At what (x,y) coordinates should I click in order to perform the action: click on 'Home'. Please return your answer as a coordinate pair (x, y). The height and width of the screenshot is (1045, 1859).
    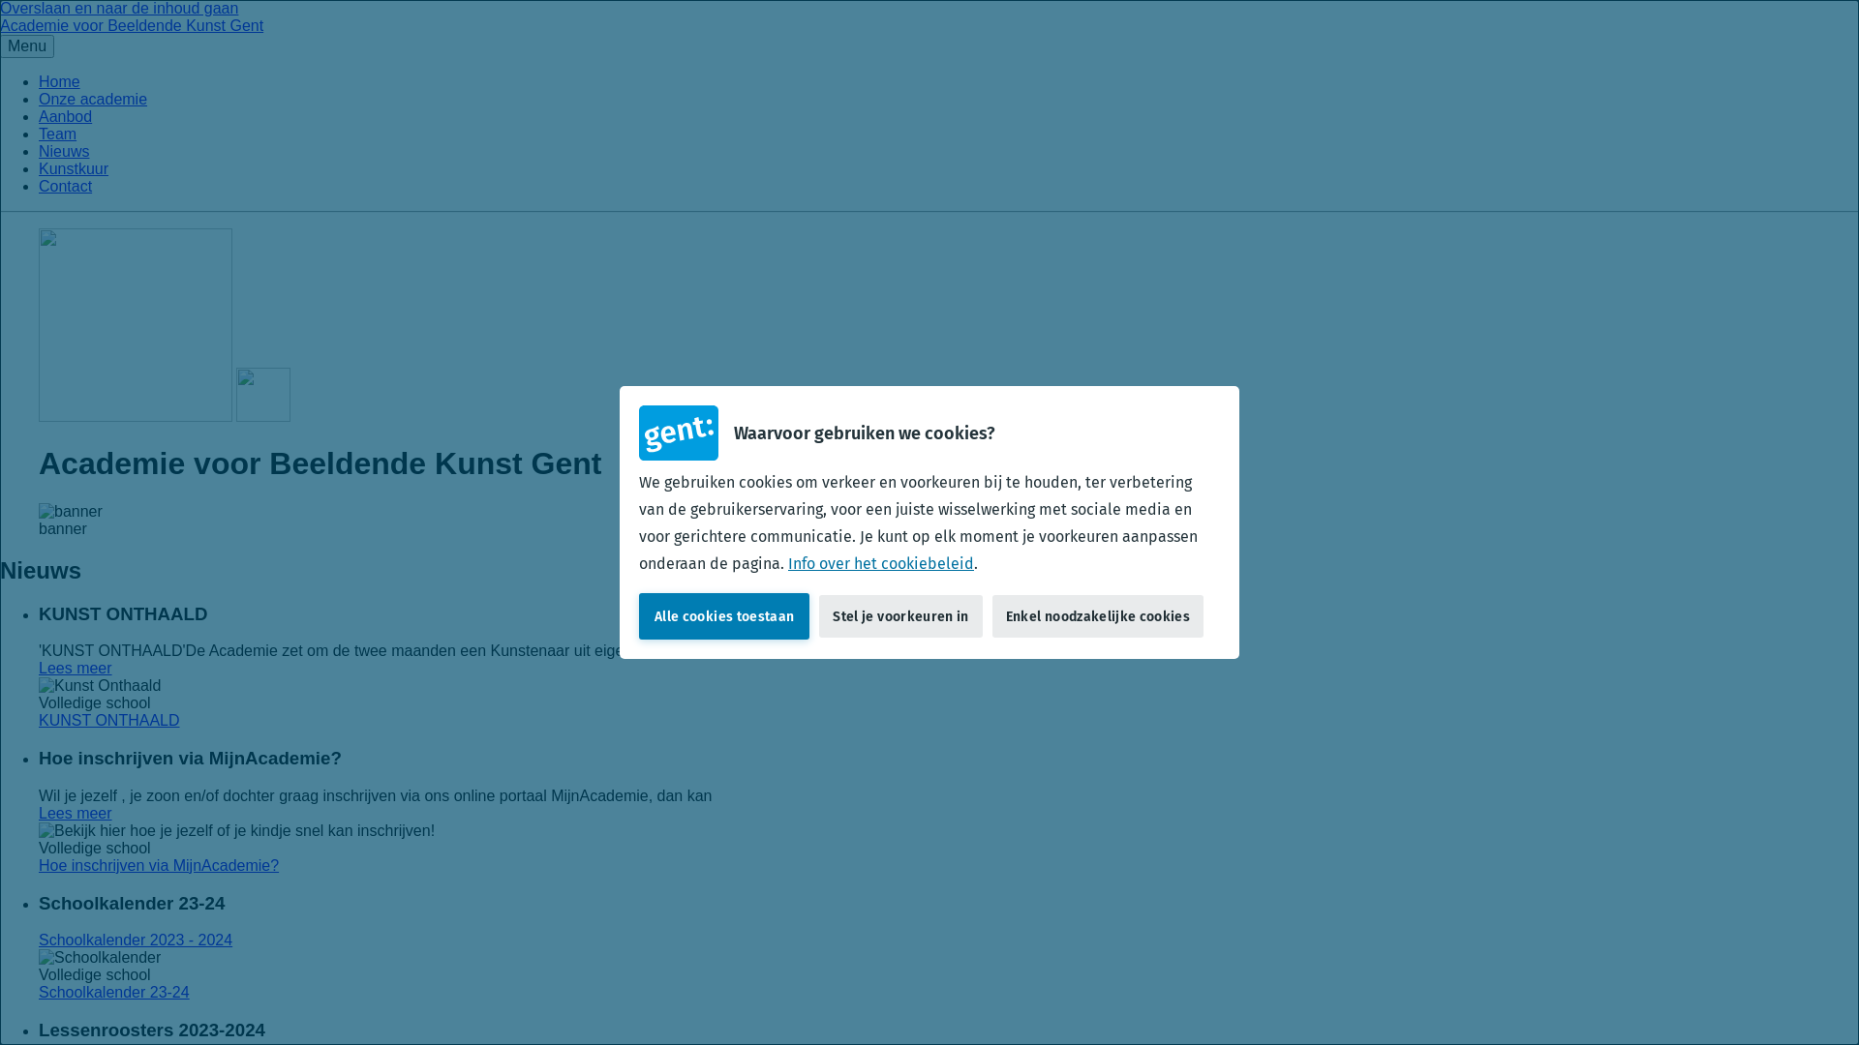
    Looking at the image, I should click on (59, 80).